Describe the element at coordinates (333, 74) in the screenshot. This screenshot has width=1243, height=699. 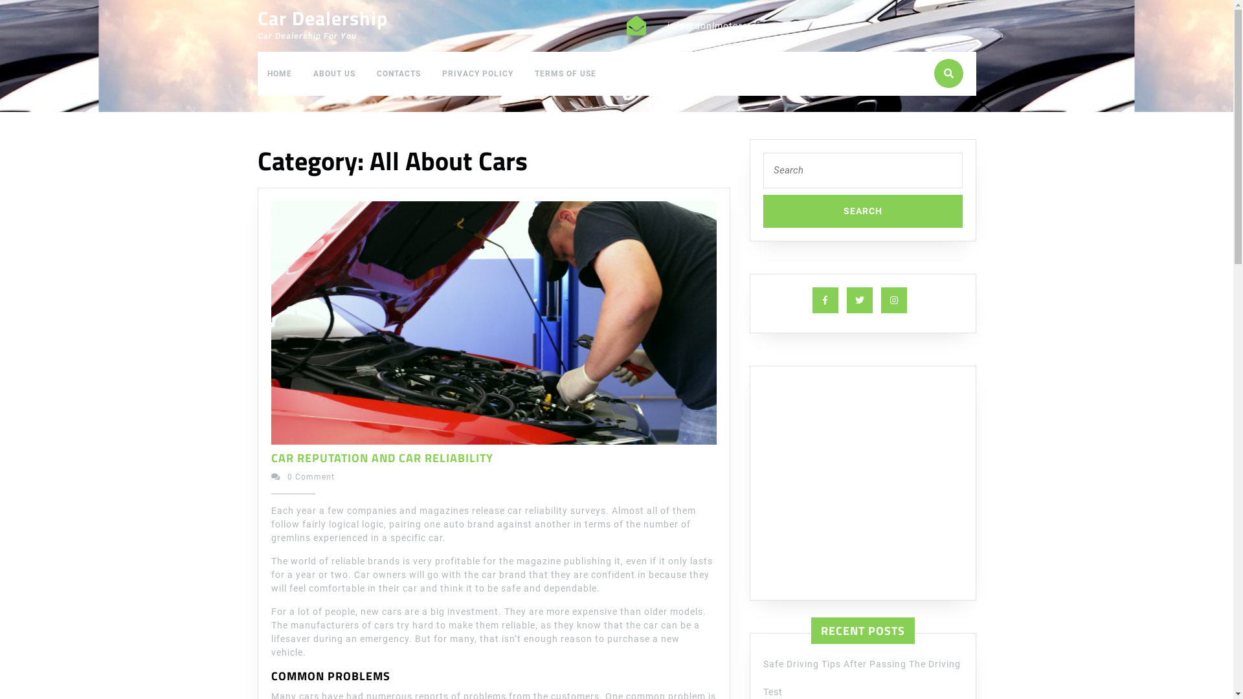
I see `'ABOUT US'` at that location.